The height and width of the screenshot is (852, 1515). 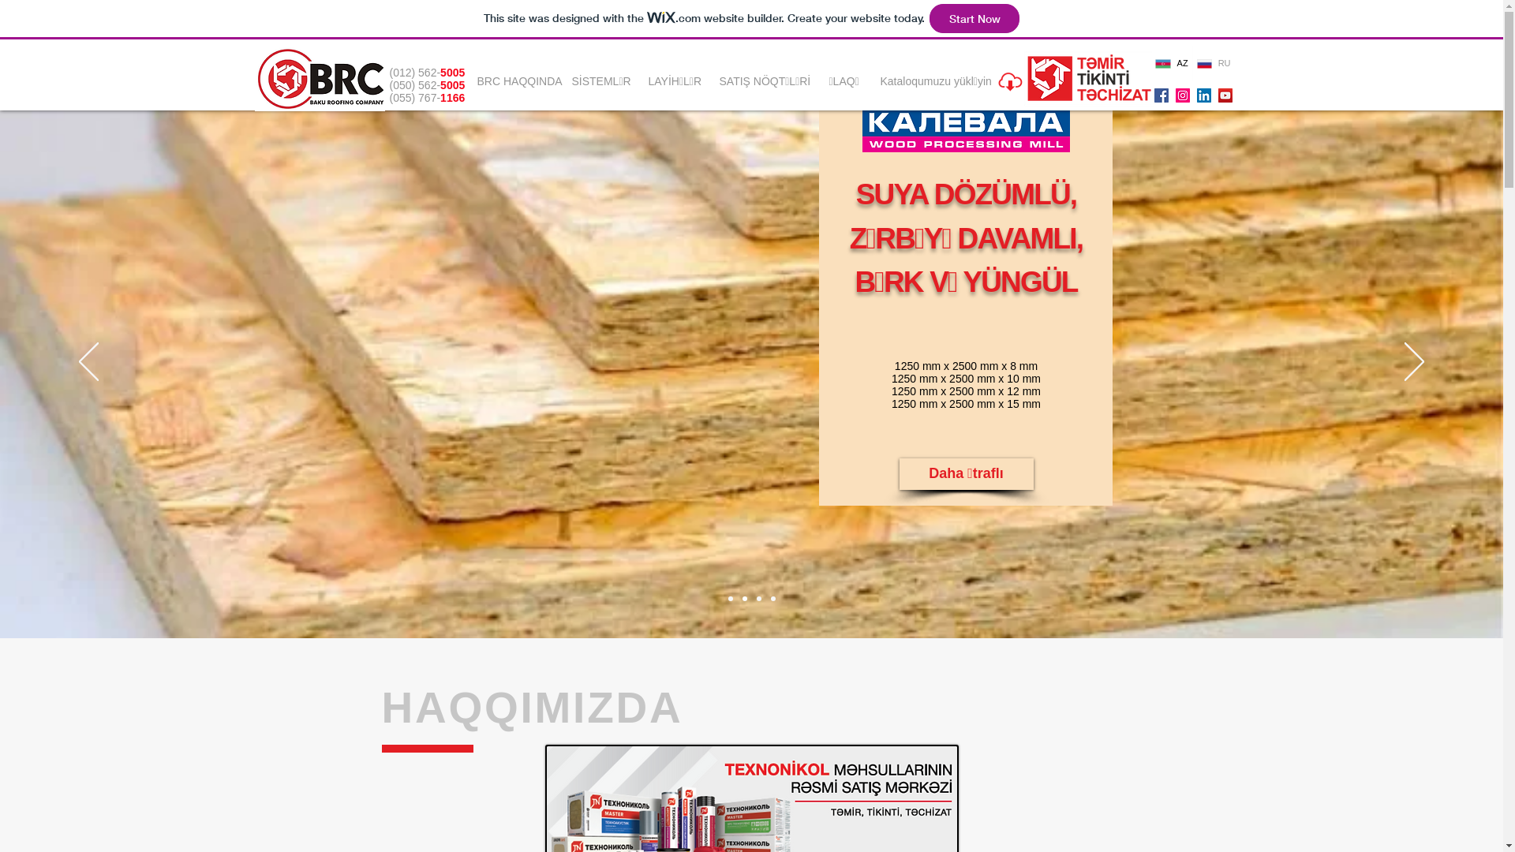 What do you see at coordinates (476, 82) in the screenshot?
I see `'BRC HAQQINDA'` at bounding box center [476, 82].